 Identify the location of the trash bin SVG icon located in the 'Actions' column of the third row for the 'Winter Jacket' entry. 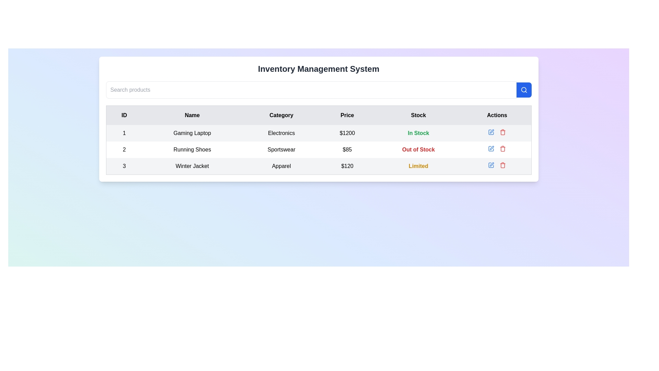
(503, 133).